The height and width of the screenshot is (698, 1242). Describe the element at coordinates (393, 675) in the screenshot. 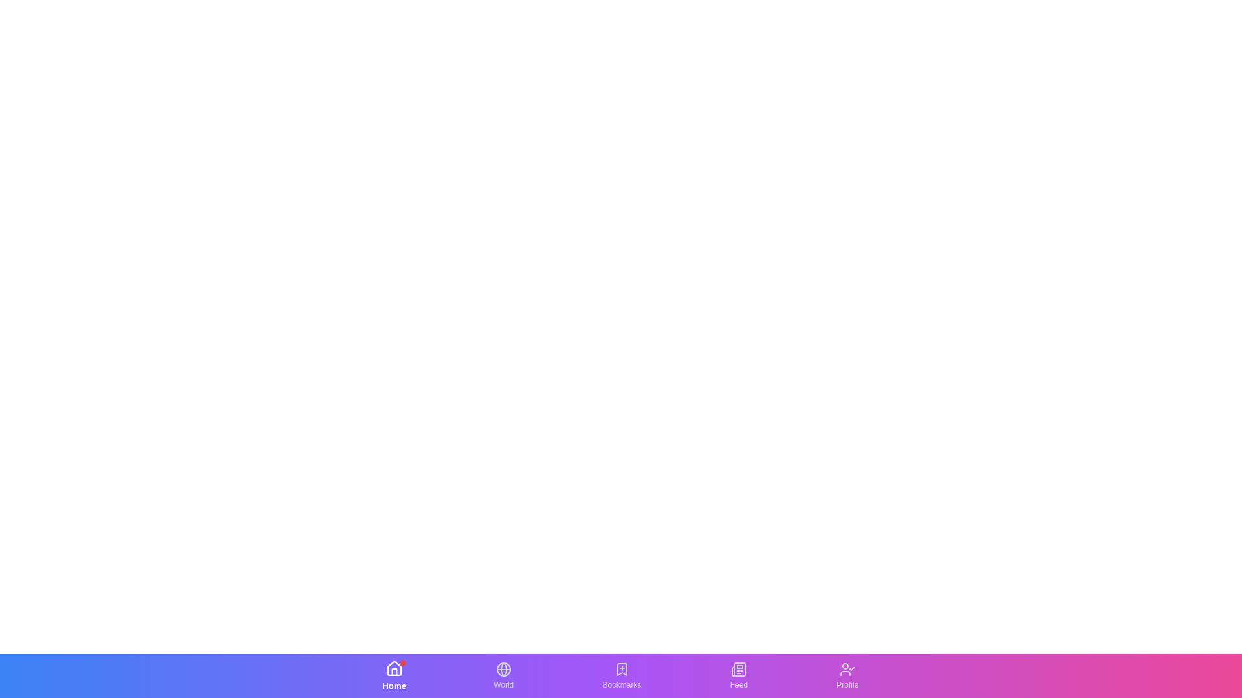

I see `the Home tab in the bottom navigation bar` at that location.